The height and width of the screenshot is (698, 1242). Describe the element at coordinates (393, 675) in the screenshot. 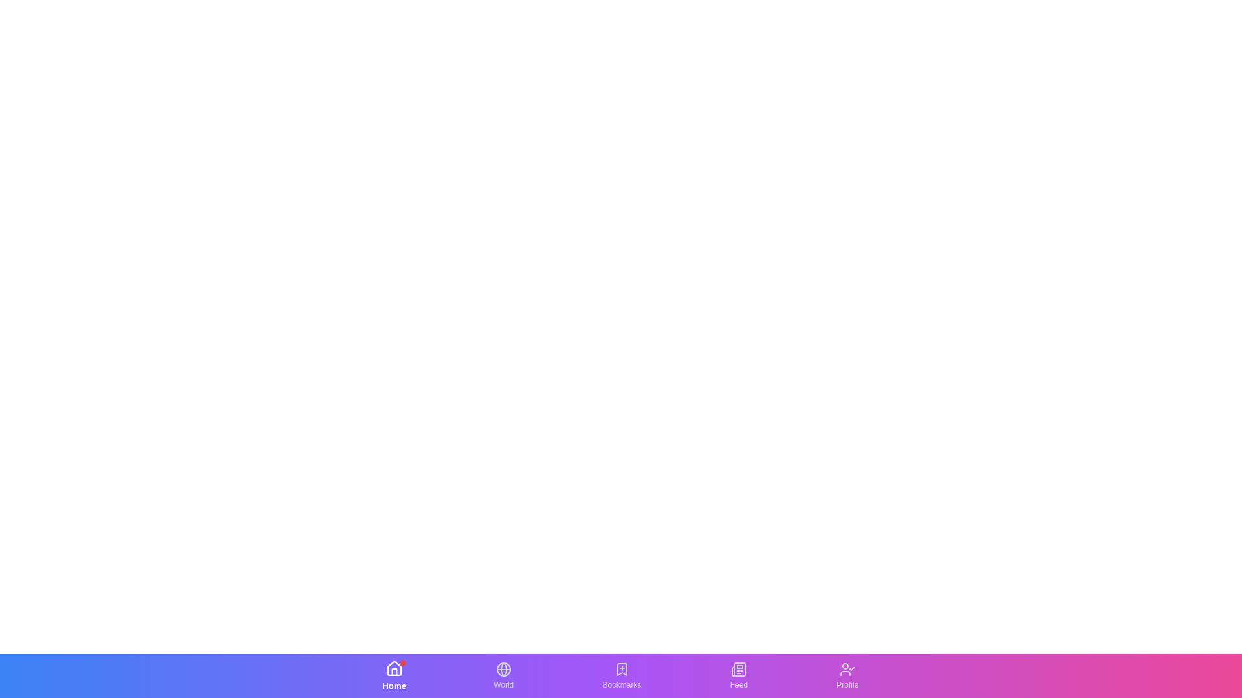

I see `the Home tab in the bottom navigation bar` at that location.